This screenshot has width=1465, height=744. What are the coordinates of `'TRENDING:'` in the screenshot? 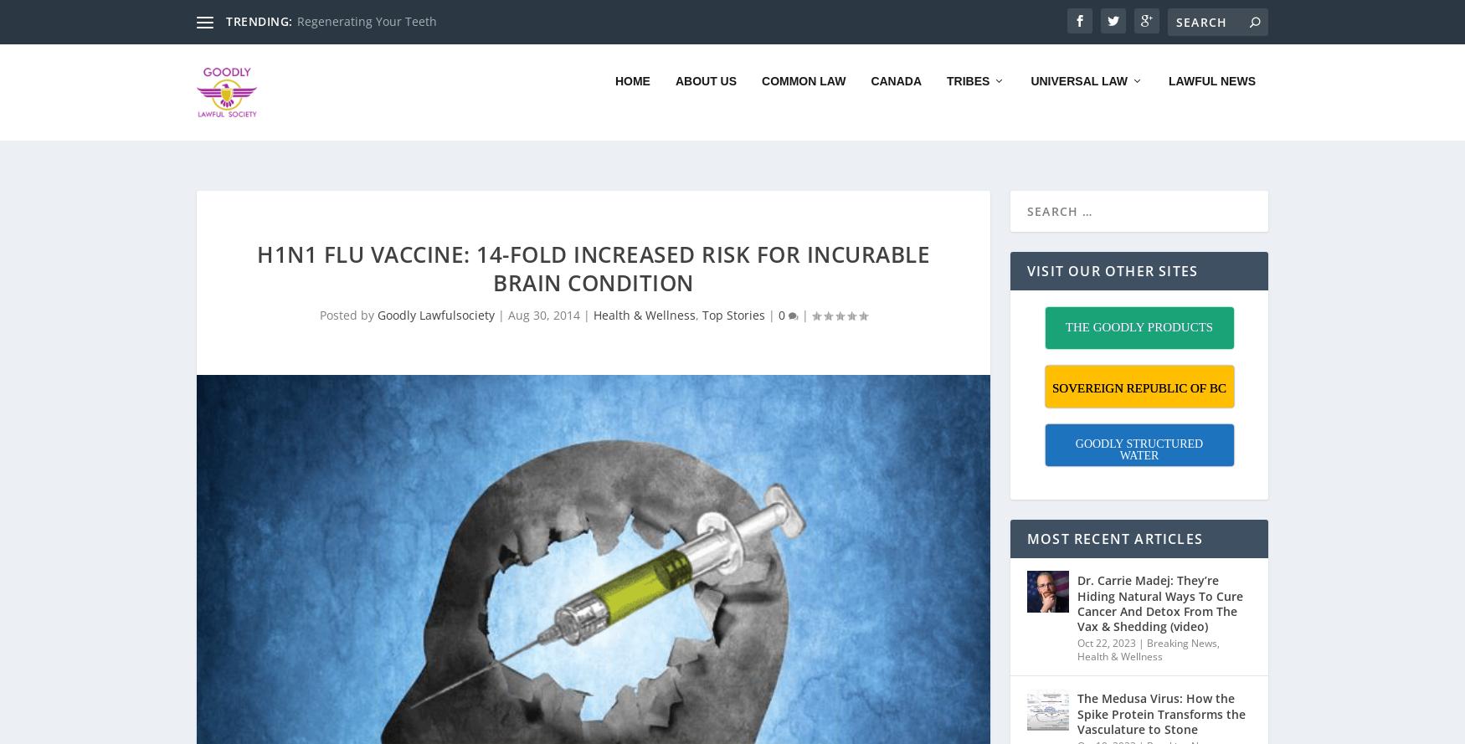 It's located at (258, 21).